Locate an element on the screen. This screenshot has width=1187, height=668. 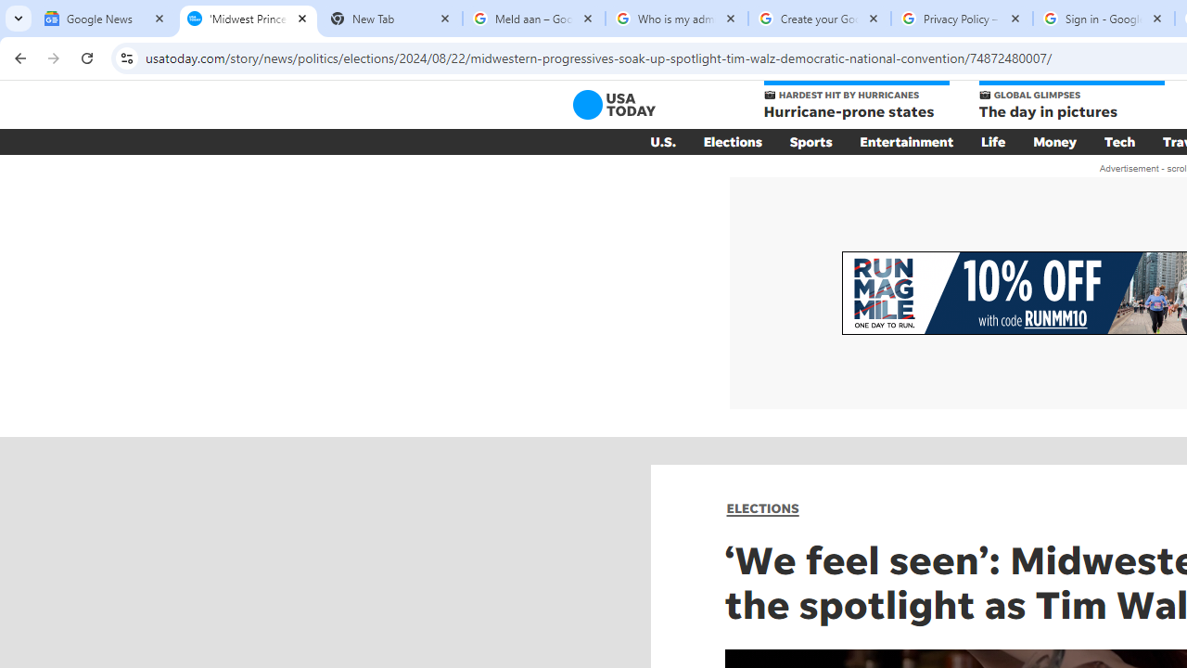
'Sports' is located at coordinates (810, 141).